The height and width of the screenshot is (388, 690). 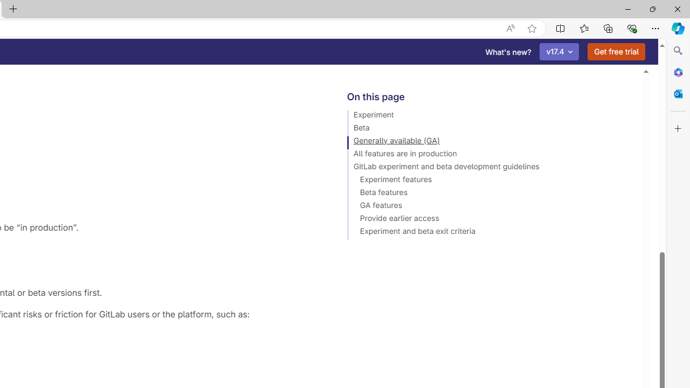 What do you see at coordinates (489, 232) in the screenshot?
I see `'Experiment and beta exit criteria'` at bounding box center [489, 232].